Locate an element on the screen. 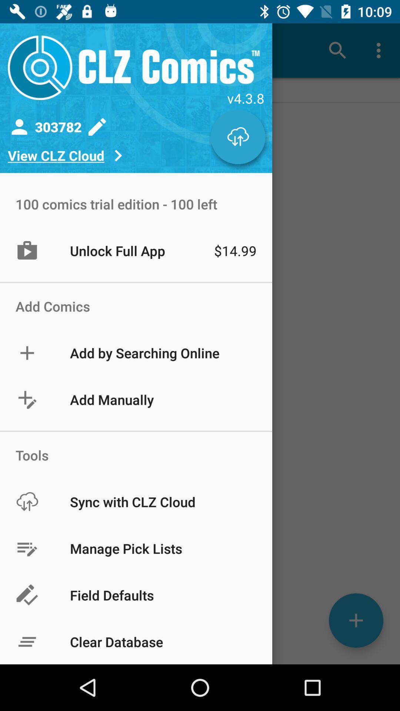  the add icon is located at coordinates (356, 620).